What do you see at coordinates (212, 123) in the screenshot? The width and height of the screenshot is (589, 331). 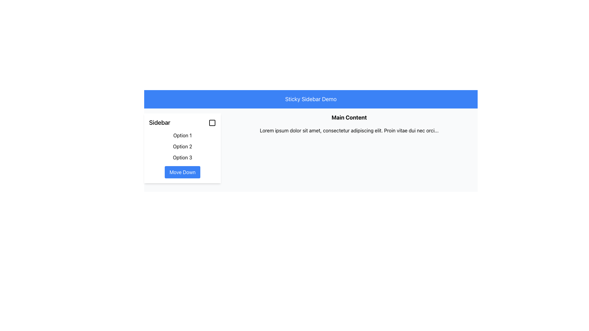 I see `the button-like icon located near the top-right corner of the 'Sidebar' header section` at bounding box center [212, 123].